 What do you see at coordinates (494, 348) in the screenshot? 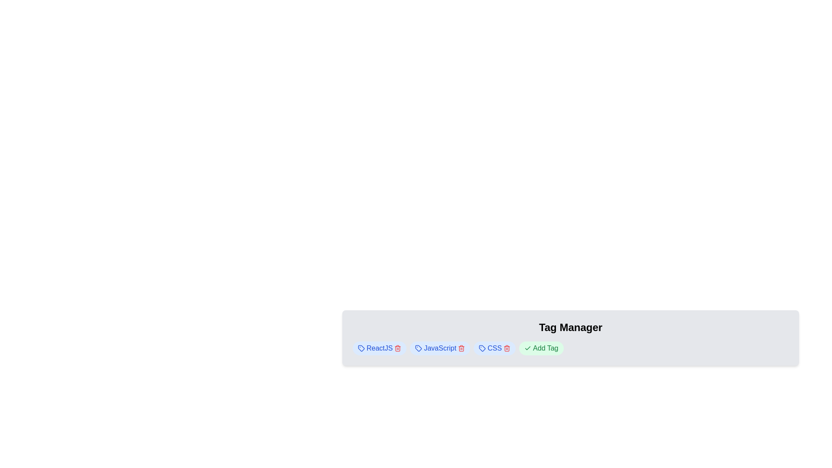
I see `the tag labeled 'CSS' which is displayed in bold, blue font with a light blue background, located` at bounding box center [494, 348].